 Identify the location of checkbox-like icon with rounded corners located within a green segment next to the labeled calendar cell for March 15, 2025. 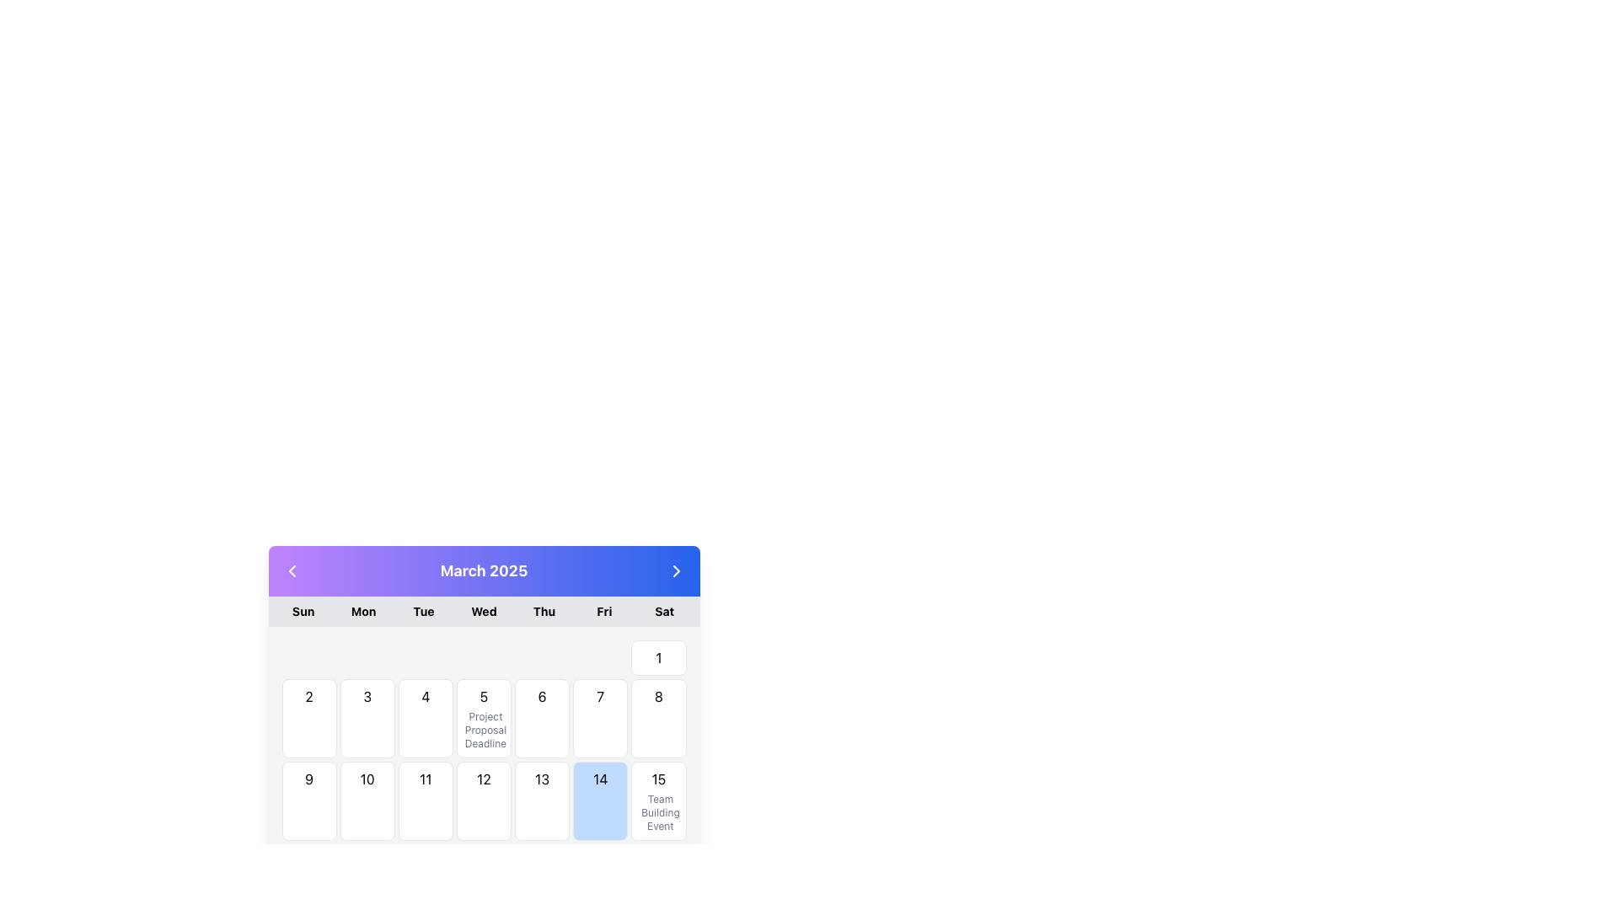
(647, 815).